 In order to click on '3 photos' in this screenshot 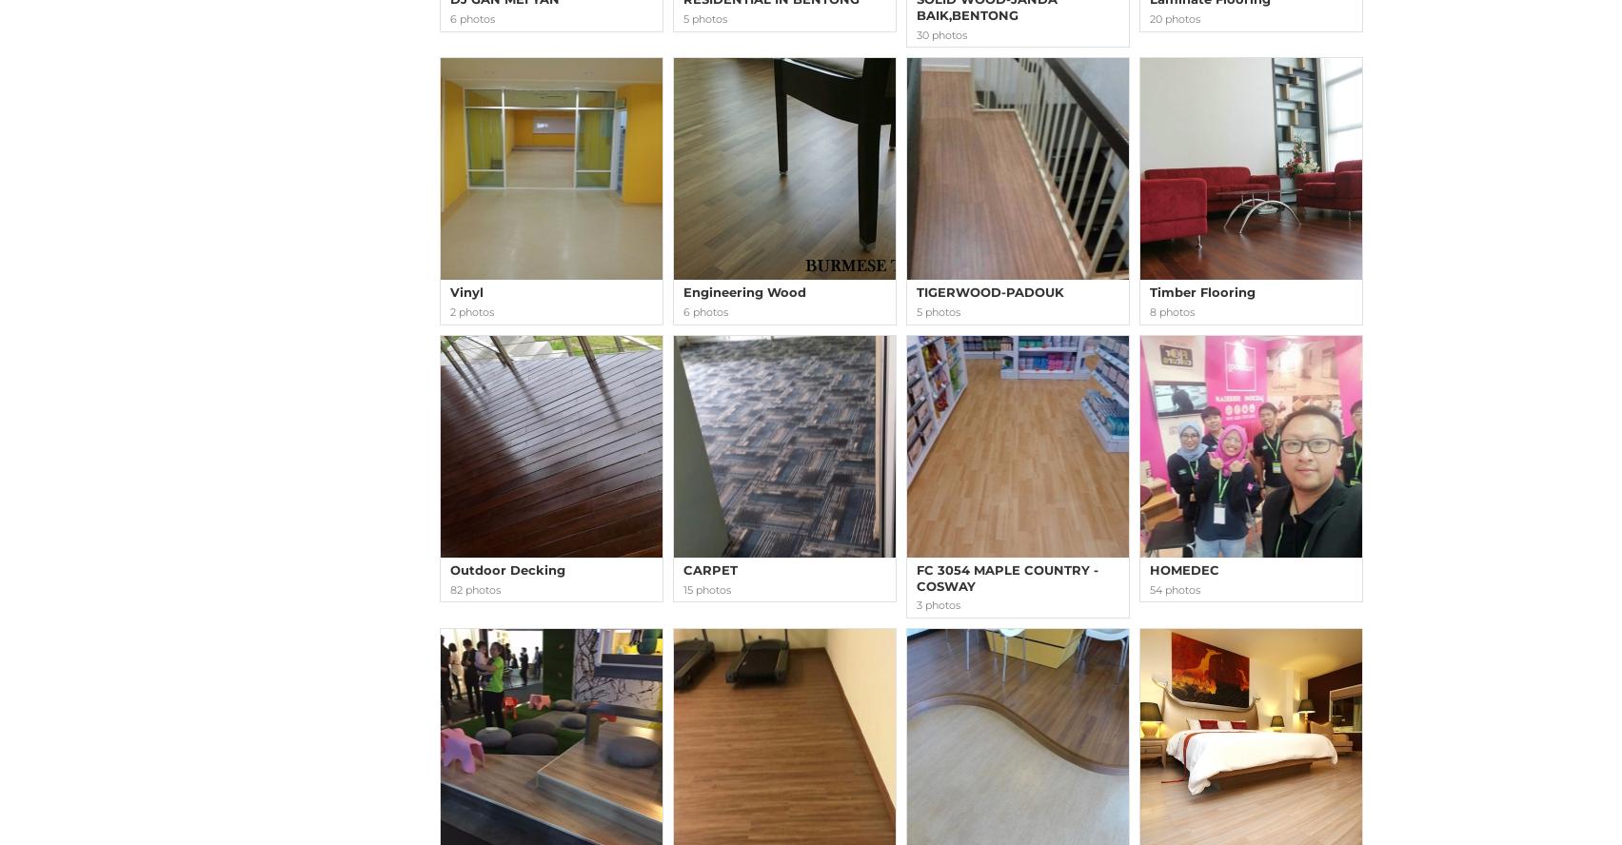, I will do `click(938, 603)`.